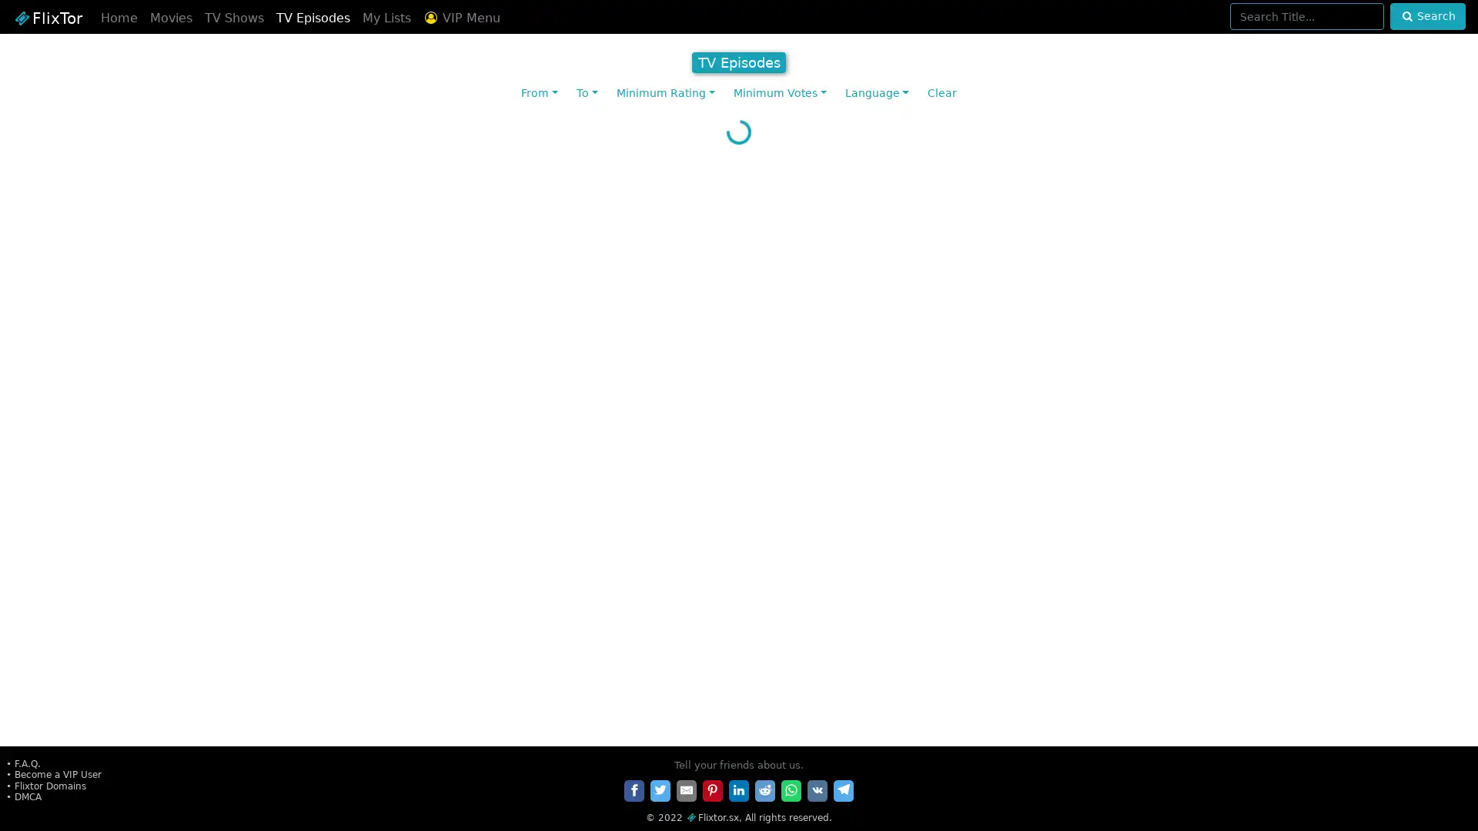  What do you see at coordinates (460, 18) in the screenshot?
I see `VIP Menu` at bounding box center [460, 18].